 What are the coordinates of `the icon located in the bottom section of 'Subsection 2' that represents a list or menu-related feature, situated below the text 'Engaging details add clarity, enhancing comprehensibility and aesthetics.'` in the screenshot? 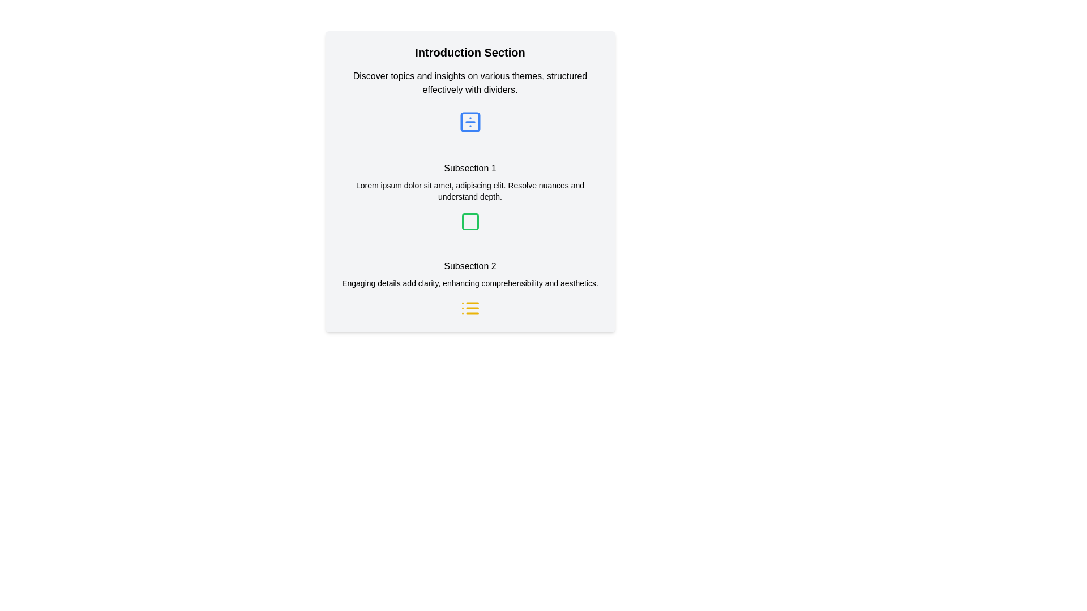 It's located at (470, 308).